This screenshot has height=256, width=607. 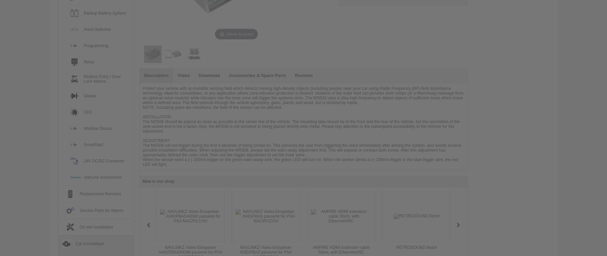 I want to click on 'Description', so click(x=156, y=75).